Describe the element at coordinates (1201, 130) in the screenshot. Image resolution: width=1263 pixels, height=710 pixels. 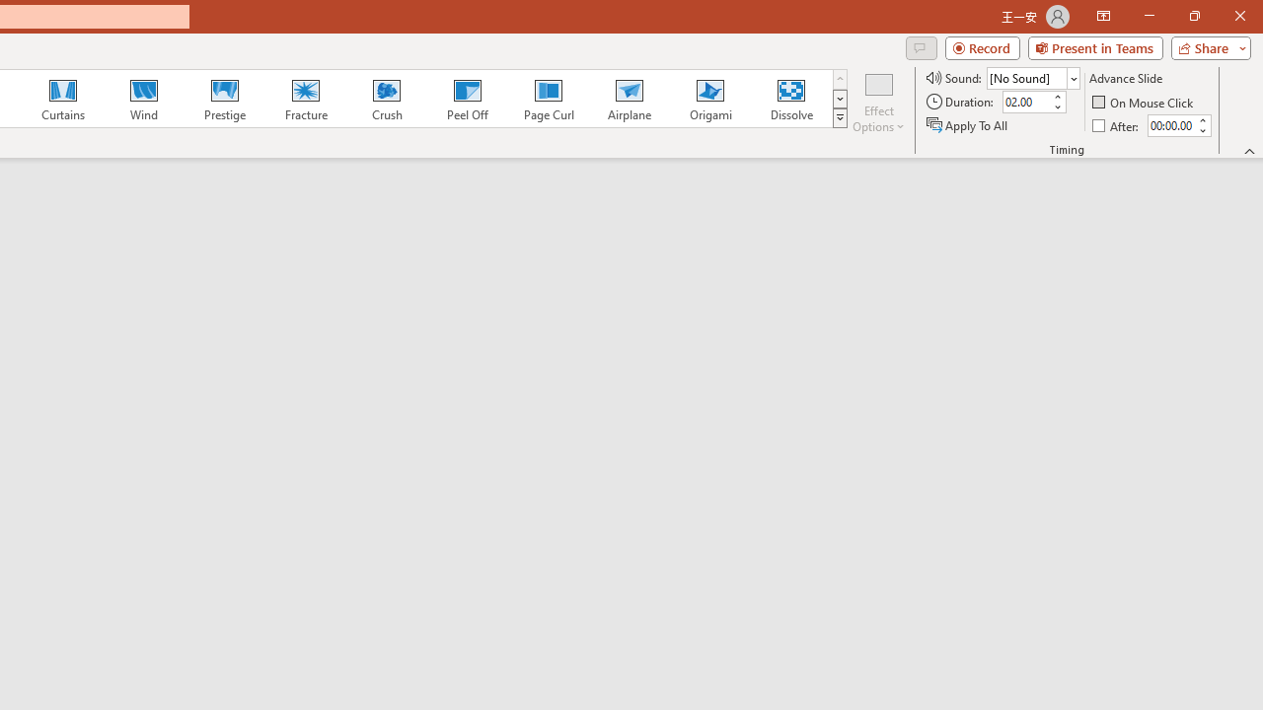
I see `'Less'` at that location.